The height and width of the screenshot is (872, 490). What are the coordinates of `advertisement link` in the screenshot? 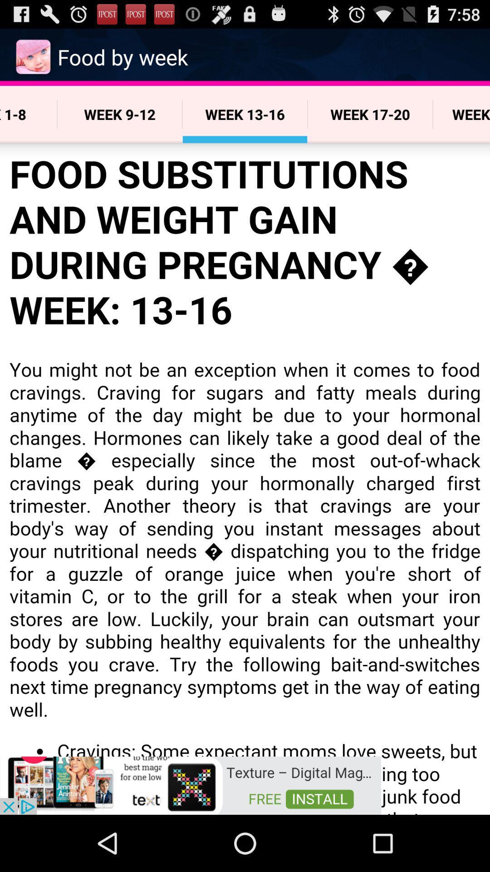 It's located at (190, 784).